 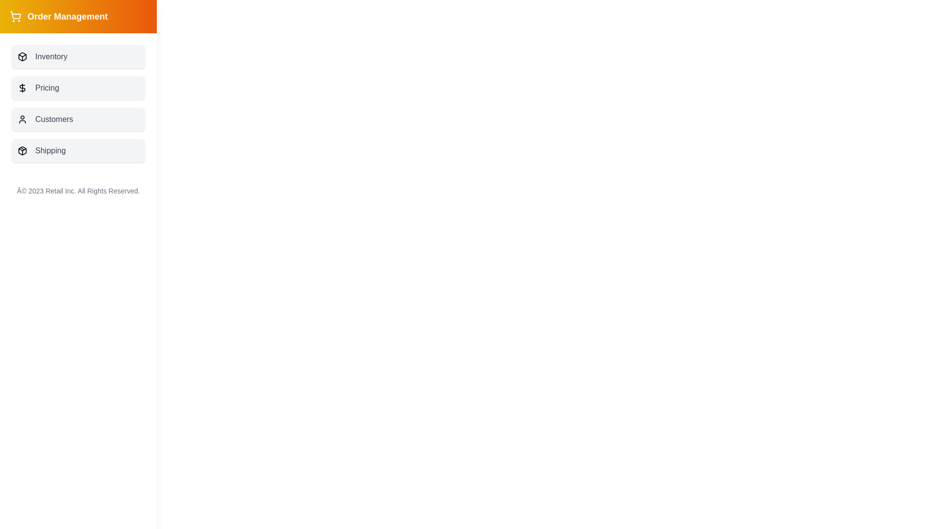 What do you see at coordinates (77, 119) in the screenshot?
I see `the button labeled 'Customers' to observe visual feedback` at bounding box center [77, 119].